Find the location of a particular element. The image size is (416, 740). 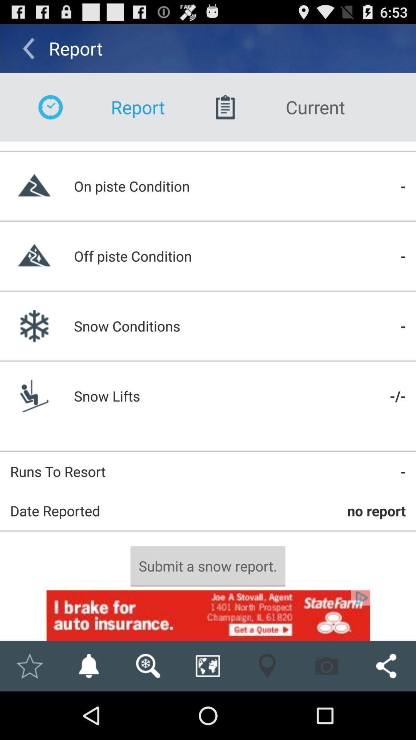

advertisement is located at coordinates (208, 615).